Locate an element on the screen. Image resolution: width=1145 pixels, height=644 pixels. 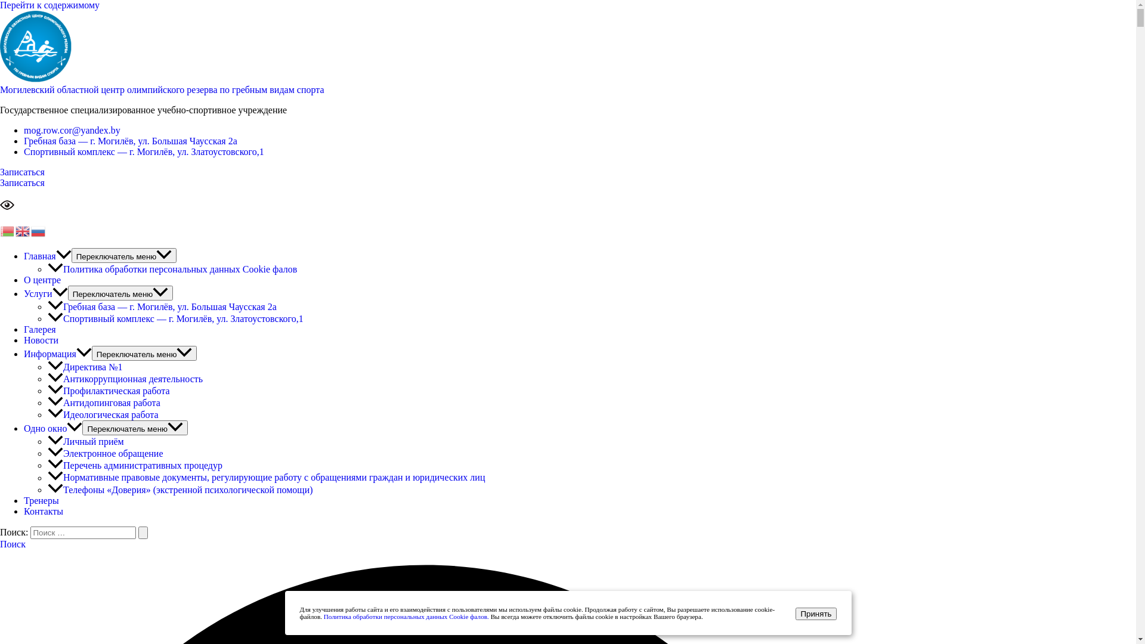
'Belarusian' is located at coordinates (8, 230).